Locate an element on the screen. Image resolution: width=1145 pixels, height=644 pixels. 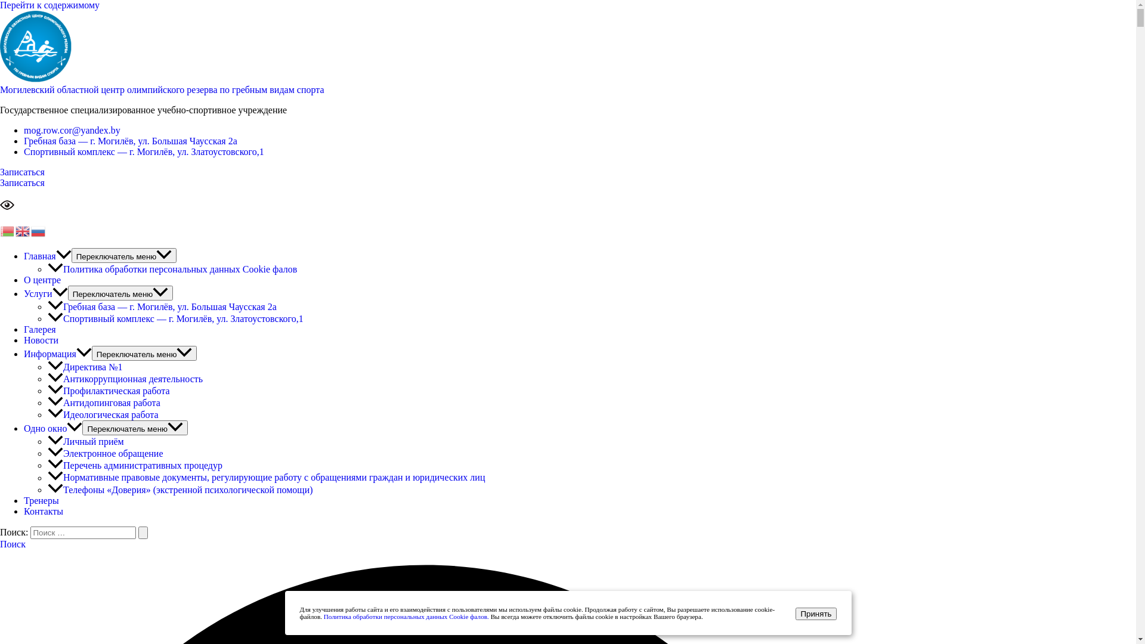
'Belarusian' is located at coordinates (8, 230).